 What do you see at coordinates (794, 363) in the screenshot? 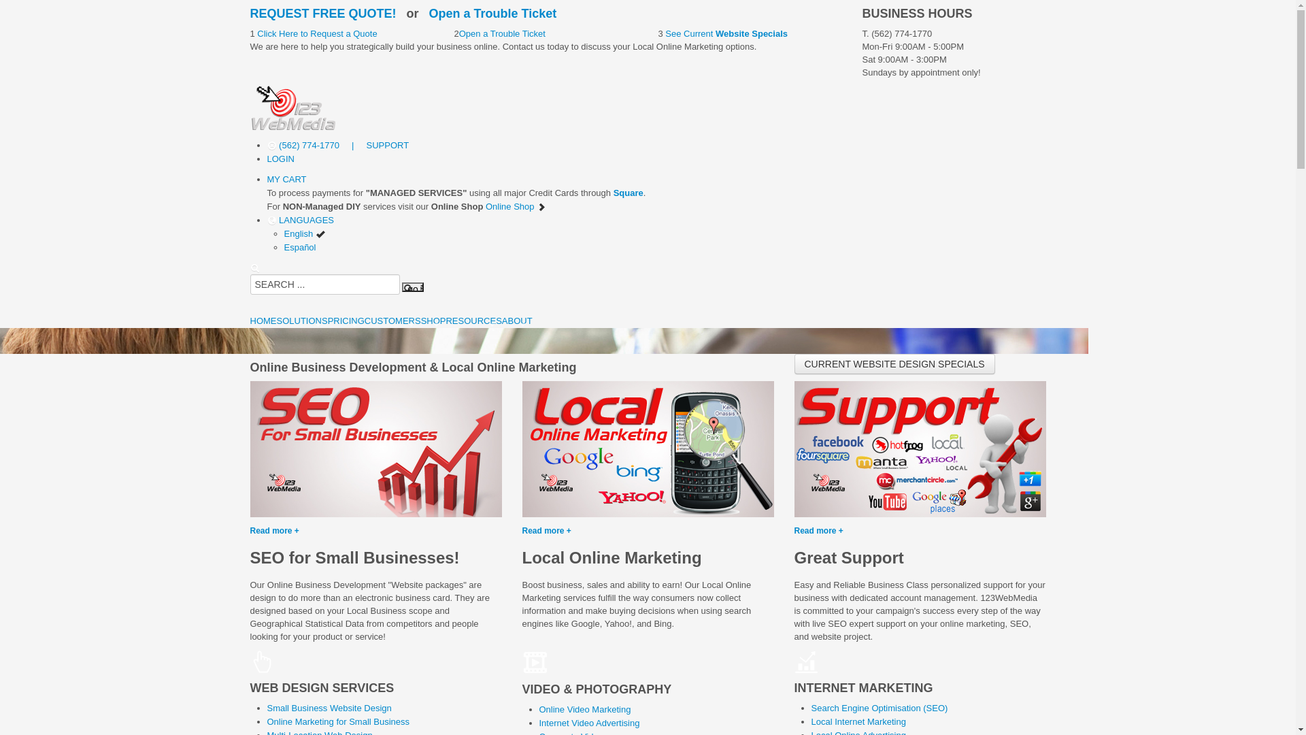
I see `'CURRENT WEBSITE DESIGN SPECIALS'` at bounding box center [794, 363].